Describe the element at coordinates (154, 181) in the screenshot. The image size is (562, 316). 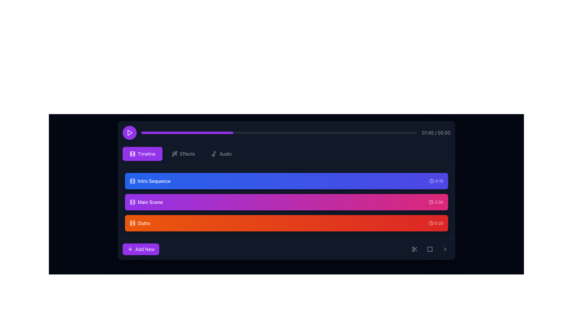
I see `the 'Intro Sequence' text label displayed in white font against a vivid blue background` at that location.